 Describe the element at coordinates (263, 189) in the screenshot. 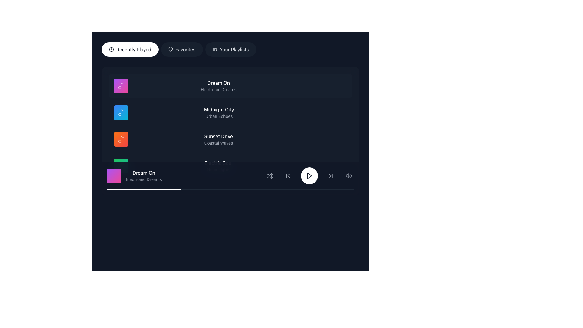

I see `progress` at that location.